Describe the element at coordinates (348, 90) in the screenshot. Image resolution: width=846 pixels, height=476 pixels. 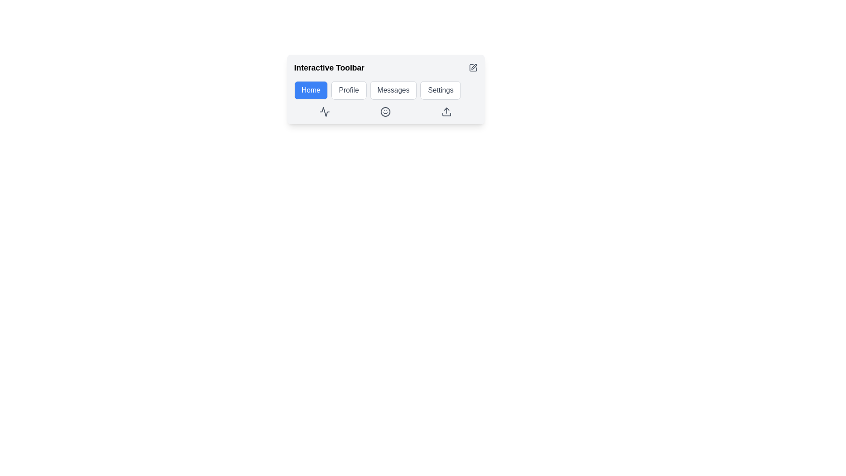
I see `the 'Profile' button, which is the second button in a horizontal navigation bar` at that location.